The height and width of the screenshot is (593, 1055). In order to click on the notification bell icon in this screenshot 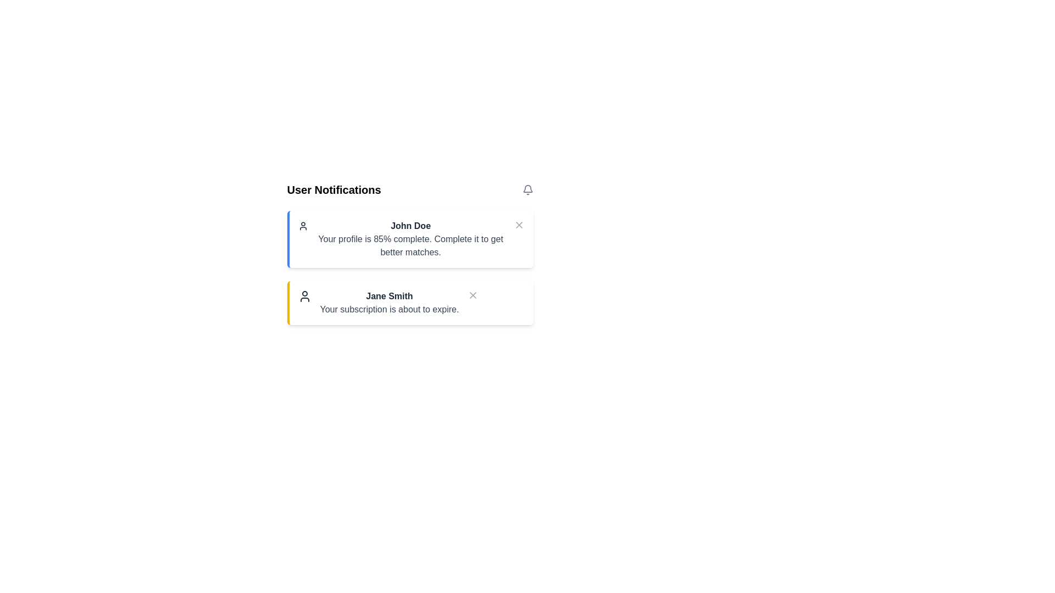, I will do `click(527, 189)`.